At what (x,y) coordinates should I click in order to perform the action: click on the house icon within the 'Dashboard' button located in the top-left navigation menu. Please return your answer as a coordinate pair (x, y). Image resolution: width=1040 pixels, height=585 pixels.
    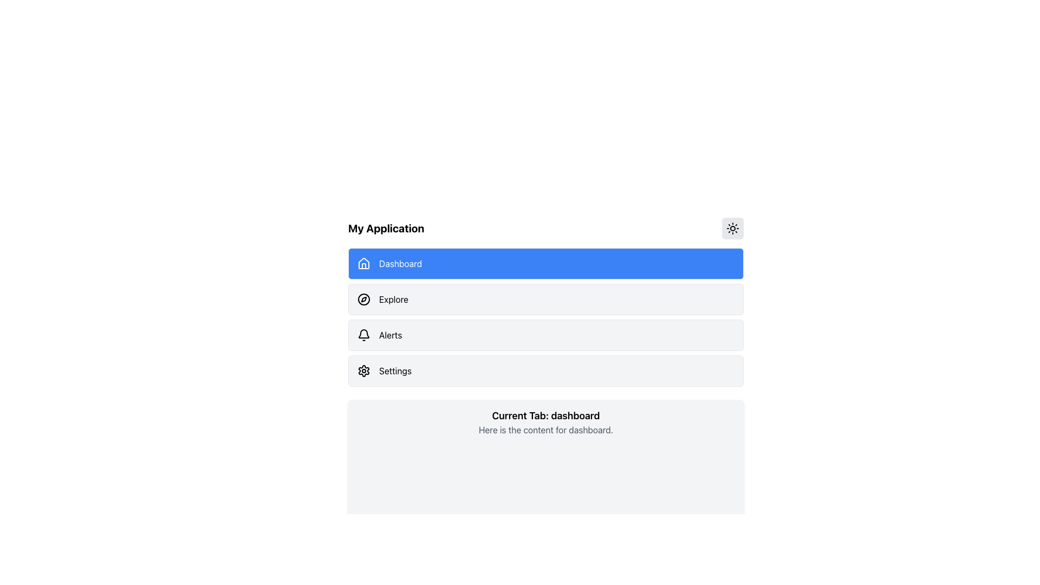
    Looking at the image, I should click on (364, 263).